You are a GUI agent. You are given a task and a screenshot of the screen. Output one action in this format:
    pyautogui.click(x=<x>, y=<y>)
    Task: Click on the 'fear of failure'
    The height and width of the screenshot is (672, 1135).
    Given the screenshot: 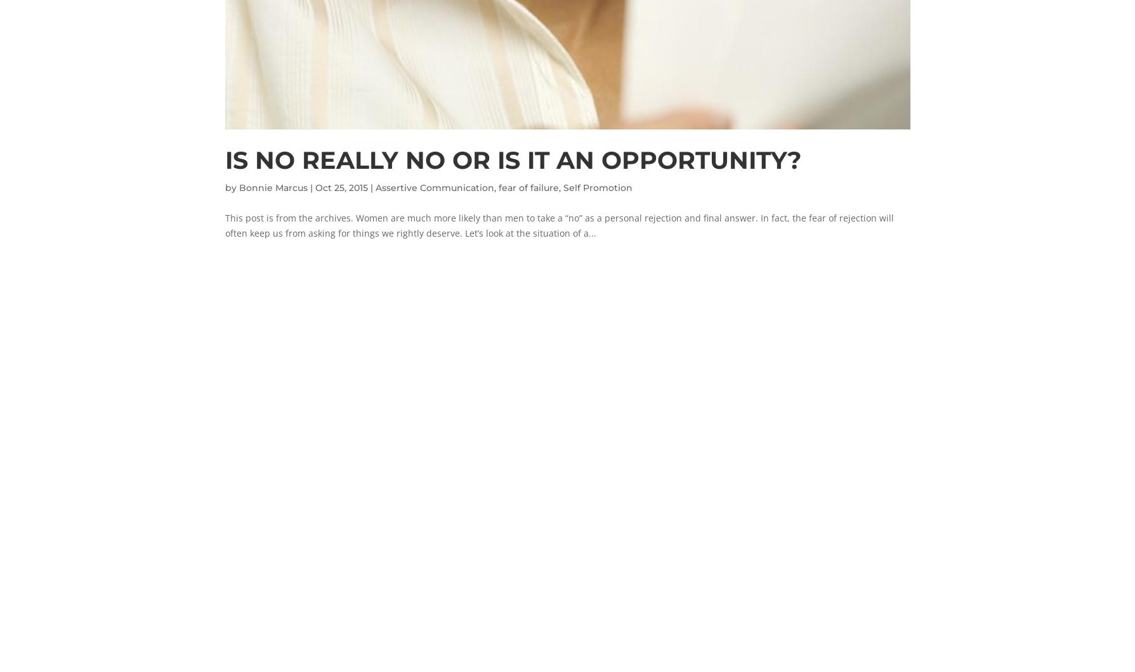 What is the action you would take?
    pyautogui.click(x=498, y=187)
    